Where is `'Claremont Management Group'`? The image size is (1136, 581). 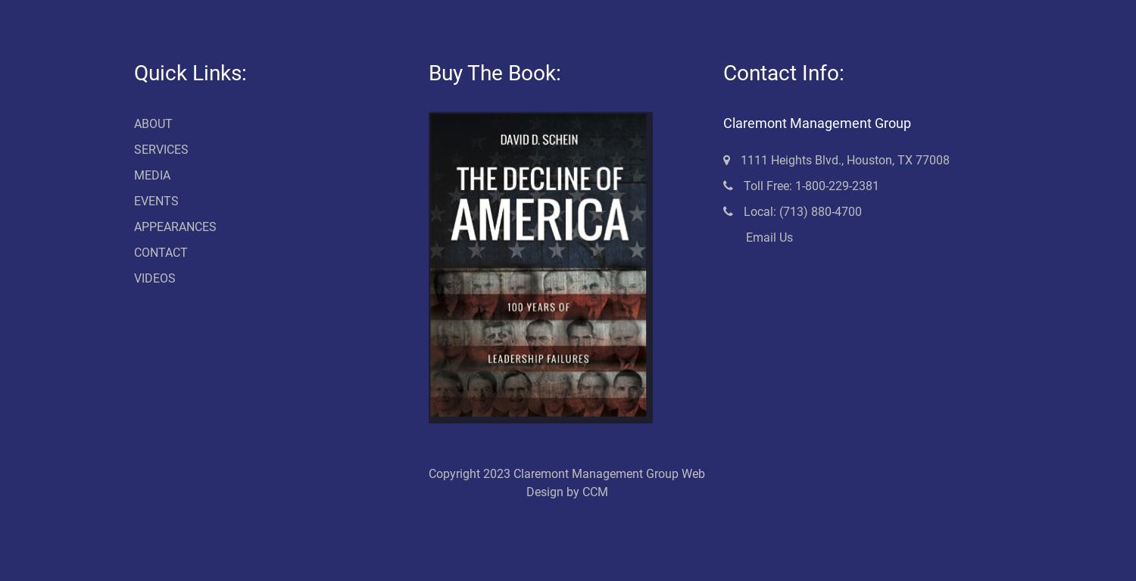
'Claremont Management Group' is located at coordinates (722, 122).